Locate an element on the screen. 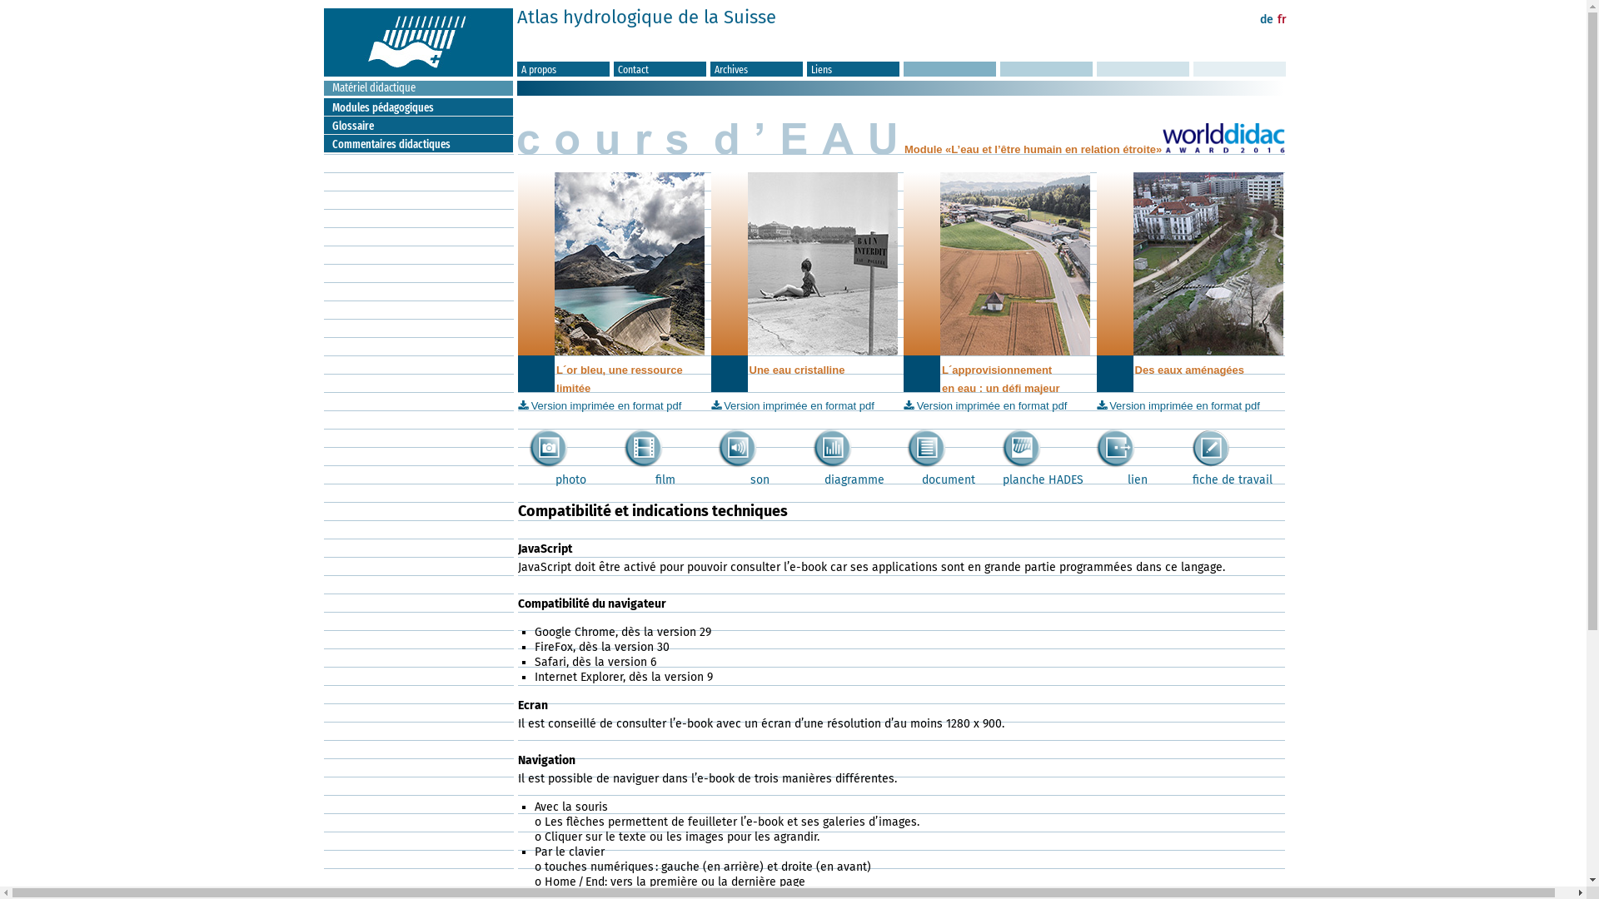 The image size is (1599, 899). 'fr' is located at coordinates (1281, 19).